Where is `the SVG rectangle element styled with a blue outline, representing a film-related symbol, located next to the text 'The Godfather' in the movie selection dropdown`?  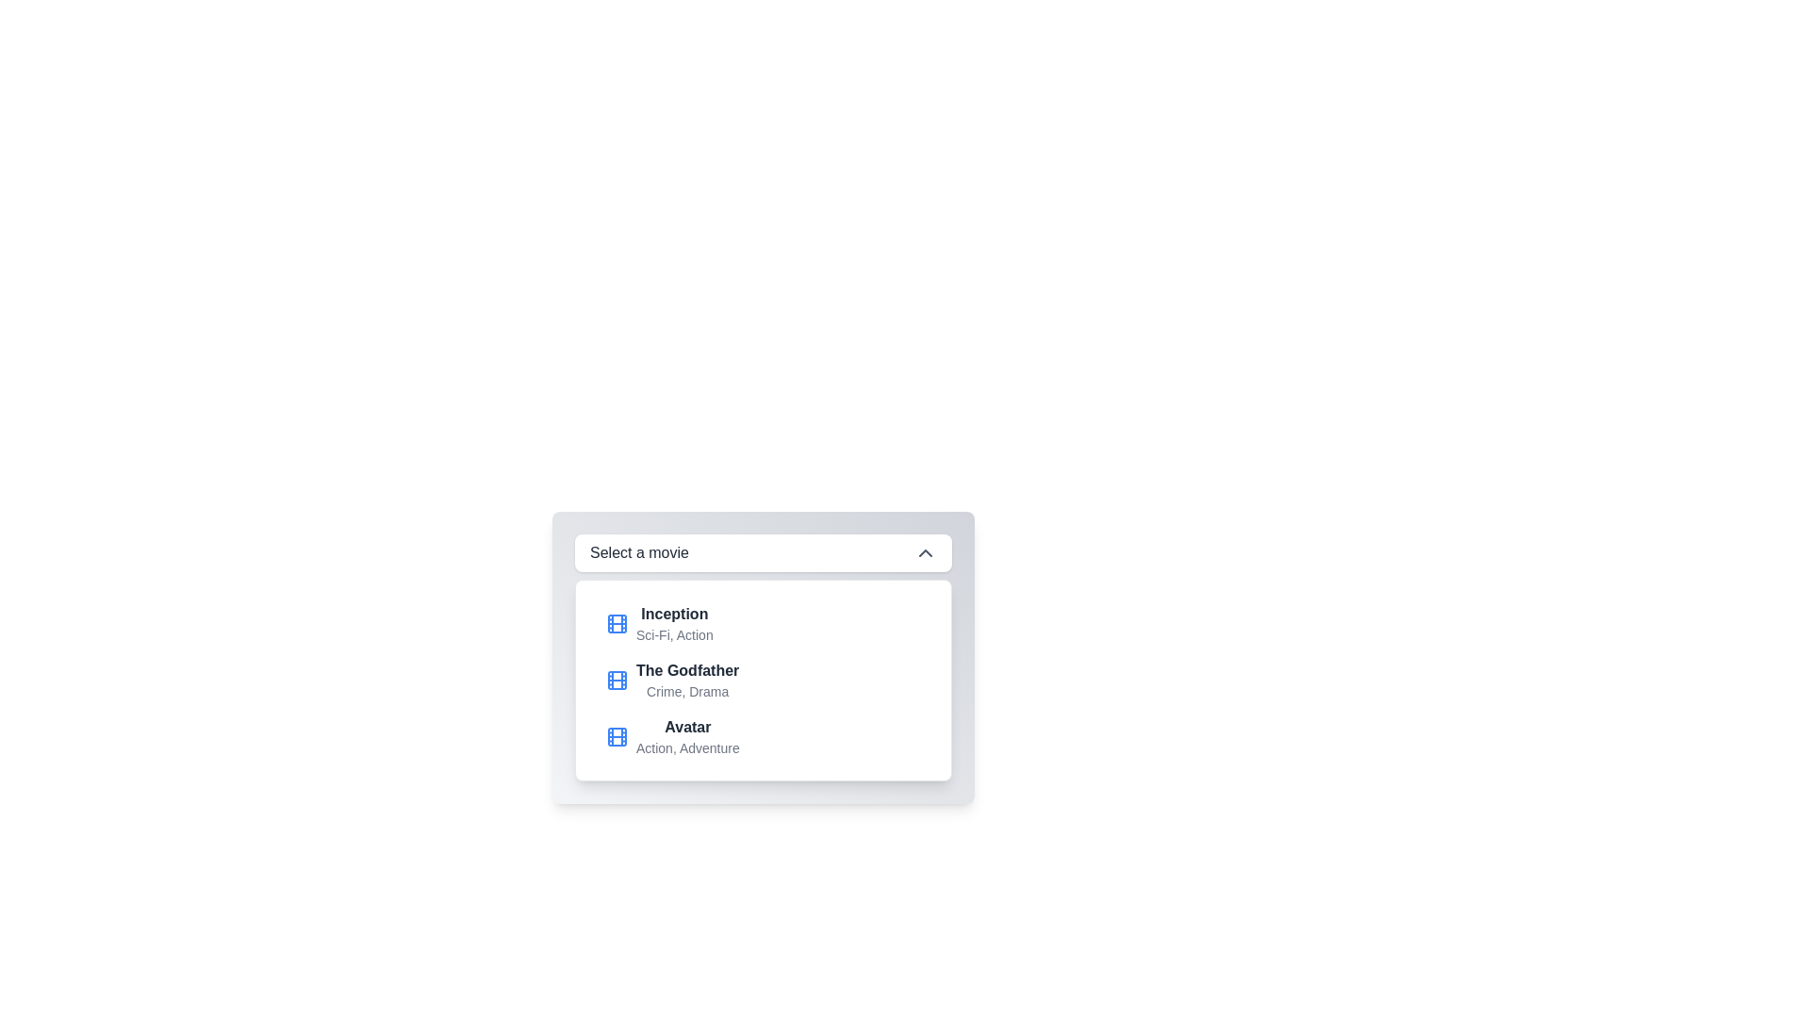 the SVG rectangle element styled with a blue outline, representing a film-related symbol, located next to the text 'The Godfather' in the movie selection dropdown is located at coordinates (617, 680).